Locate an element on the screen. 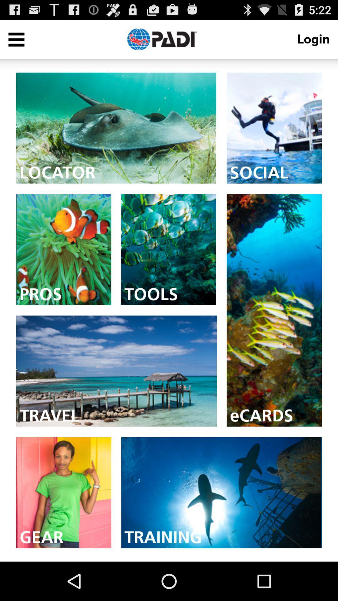 The image size is (338, 601). different sections is located at coordinates (16, 39).